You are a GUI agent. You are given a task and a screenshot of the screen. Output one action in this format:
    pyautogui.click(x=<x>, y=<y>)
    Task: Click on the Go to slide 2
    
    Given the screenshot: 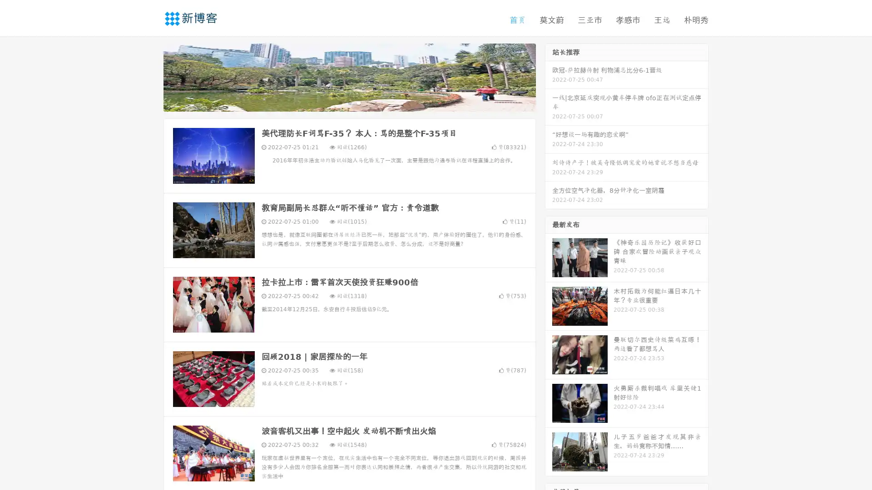 What is the action you would take?
    pyautogui.click(x=349, y=102)
    